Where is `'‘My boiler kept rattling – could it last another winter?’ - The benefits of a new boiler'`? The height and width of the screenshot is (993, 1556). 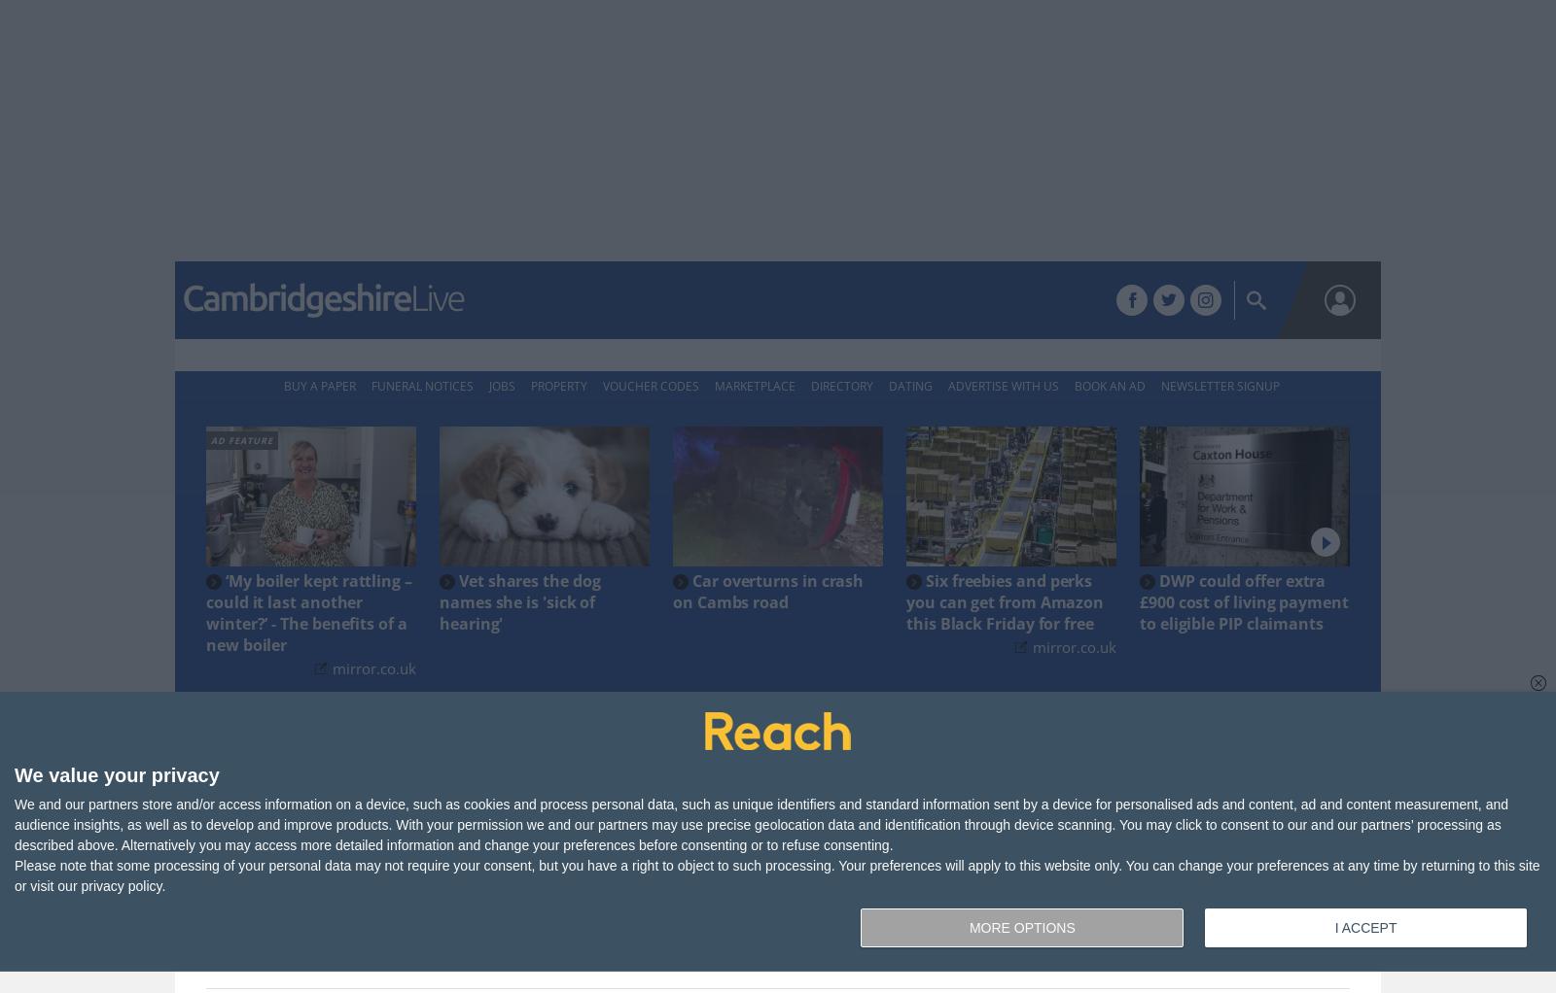 '‘My boiler kept rattling – could it last another winter?’ - The benefits of a new boiler' is located at coordinates (308, 611).